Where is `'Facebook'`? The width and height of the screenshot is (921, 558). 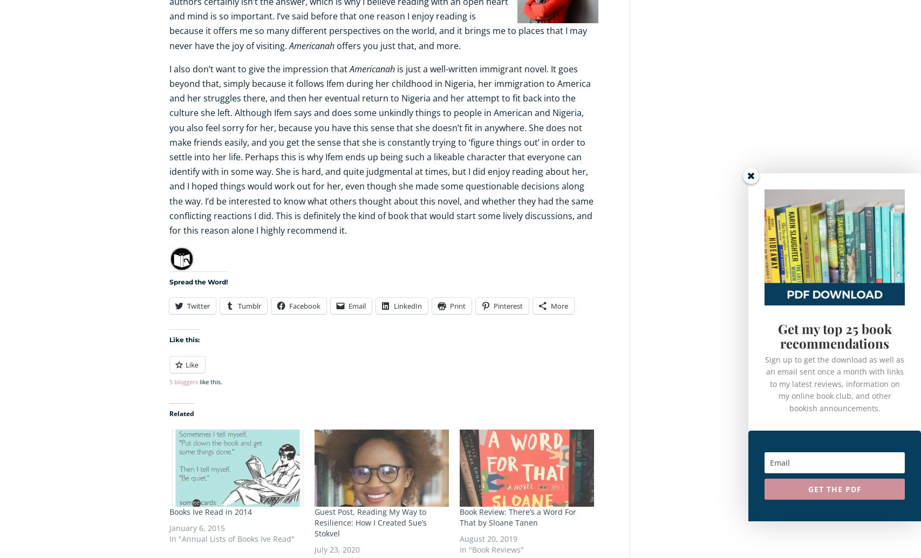 'Facebook' is located at coordinates (304, 306).